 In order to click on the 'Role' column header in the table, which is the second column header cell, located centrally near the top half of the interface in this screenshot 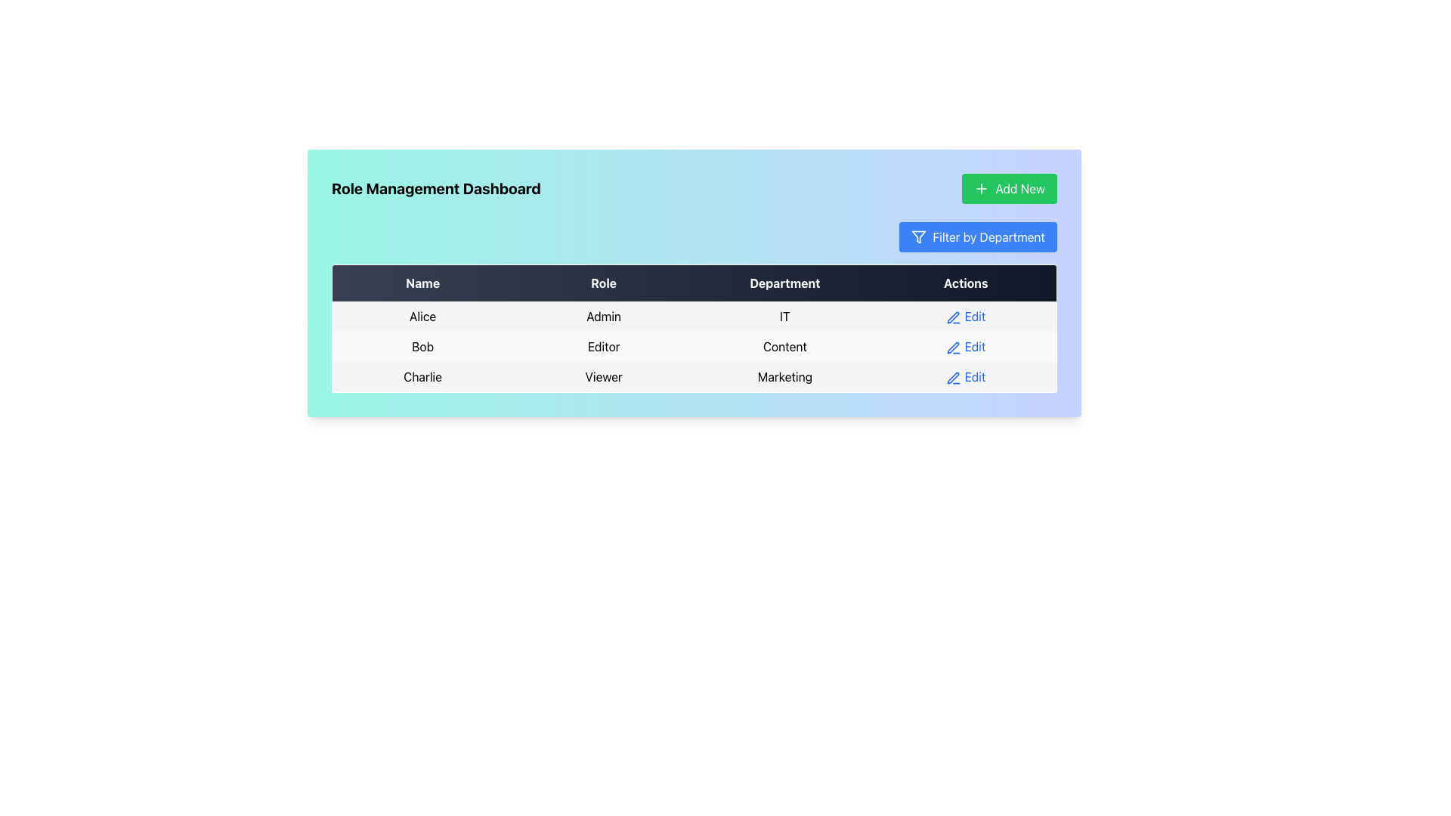, I will do `click(603, 283)`.